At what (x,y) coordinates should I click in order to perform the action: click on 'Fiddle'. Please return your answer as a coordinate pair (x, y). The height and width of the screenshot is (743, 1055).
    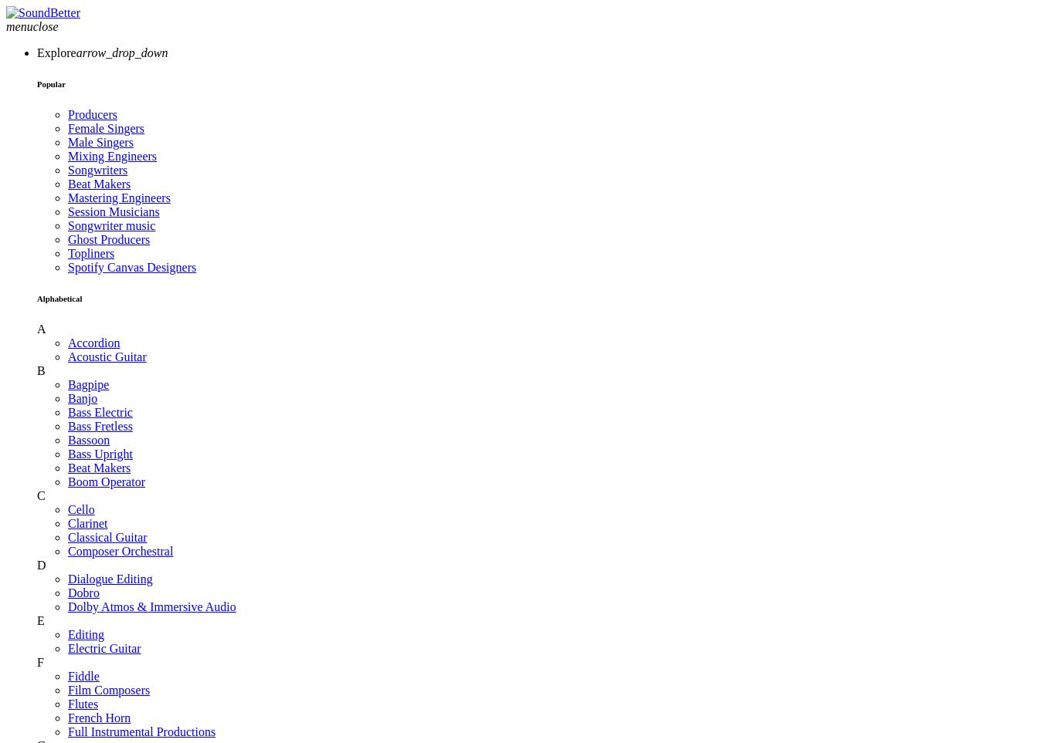
    Looking at the image, I should click on (83, 675).